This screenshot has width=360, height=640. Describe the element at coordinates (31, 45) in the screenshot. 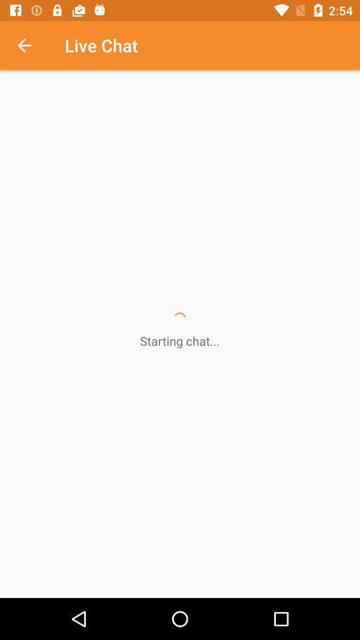

I see `the icon next to the live chat icon` at that location.